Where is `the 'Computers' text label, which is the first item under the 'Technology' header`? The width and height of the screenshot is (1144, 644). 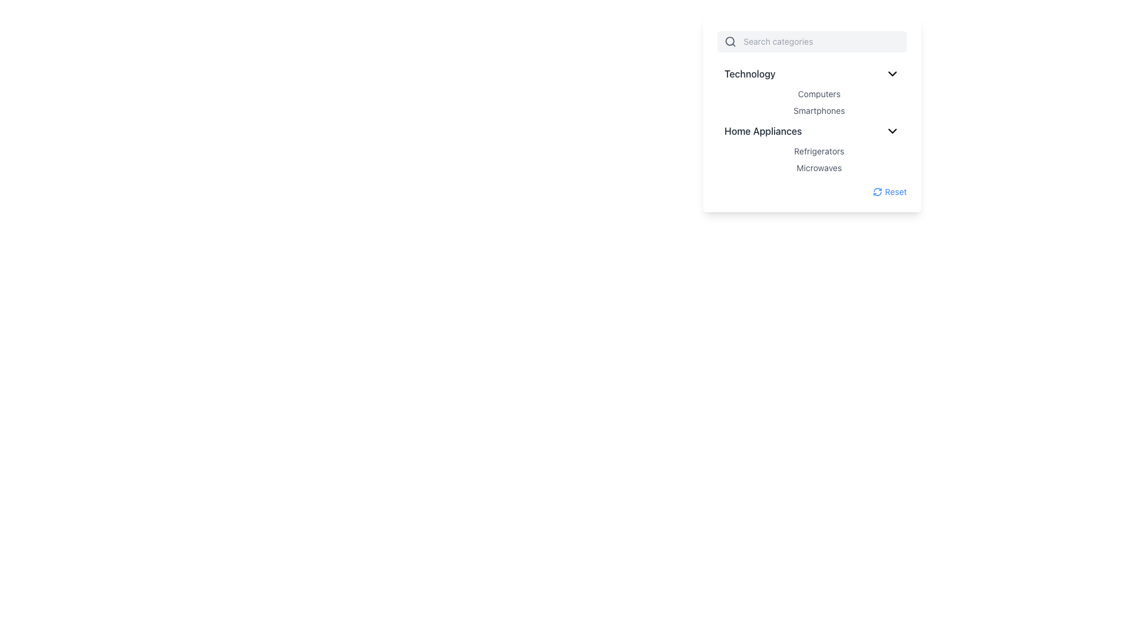
the 'Computers' text label, which is the first item under the 'Technology' header is located at coordinates (818, 94).